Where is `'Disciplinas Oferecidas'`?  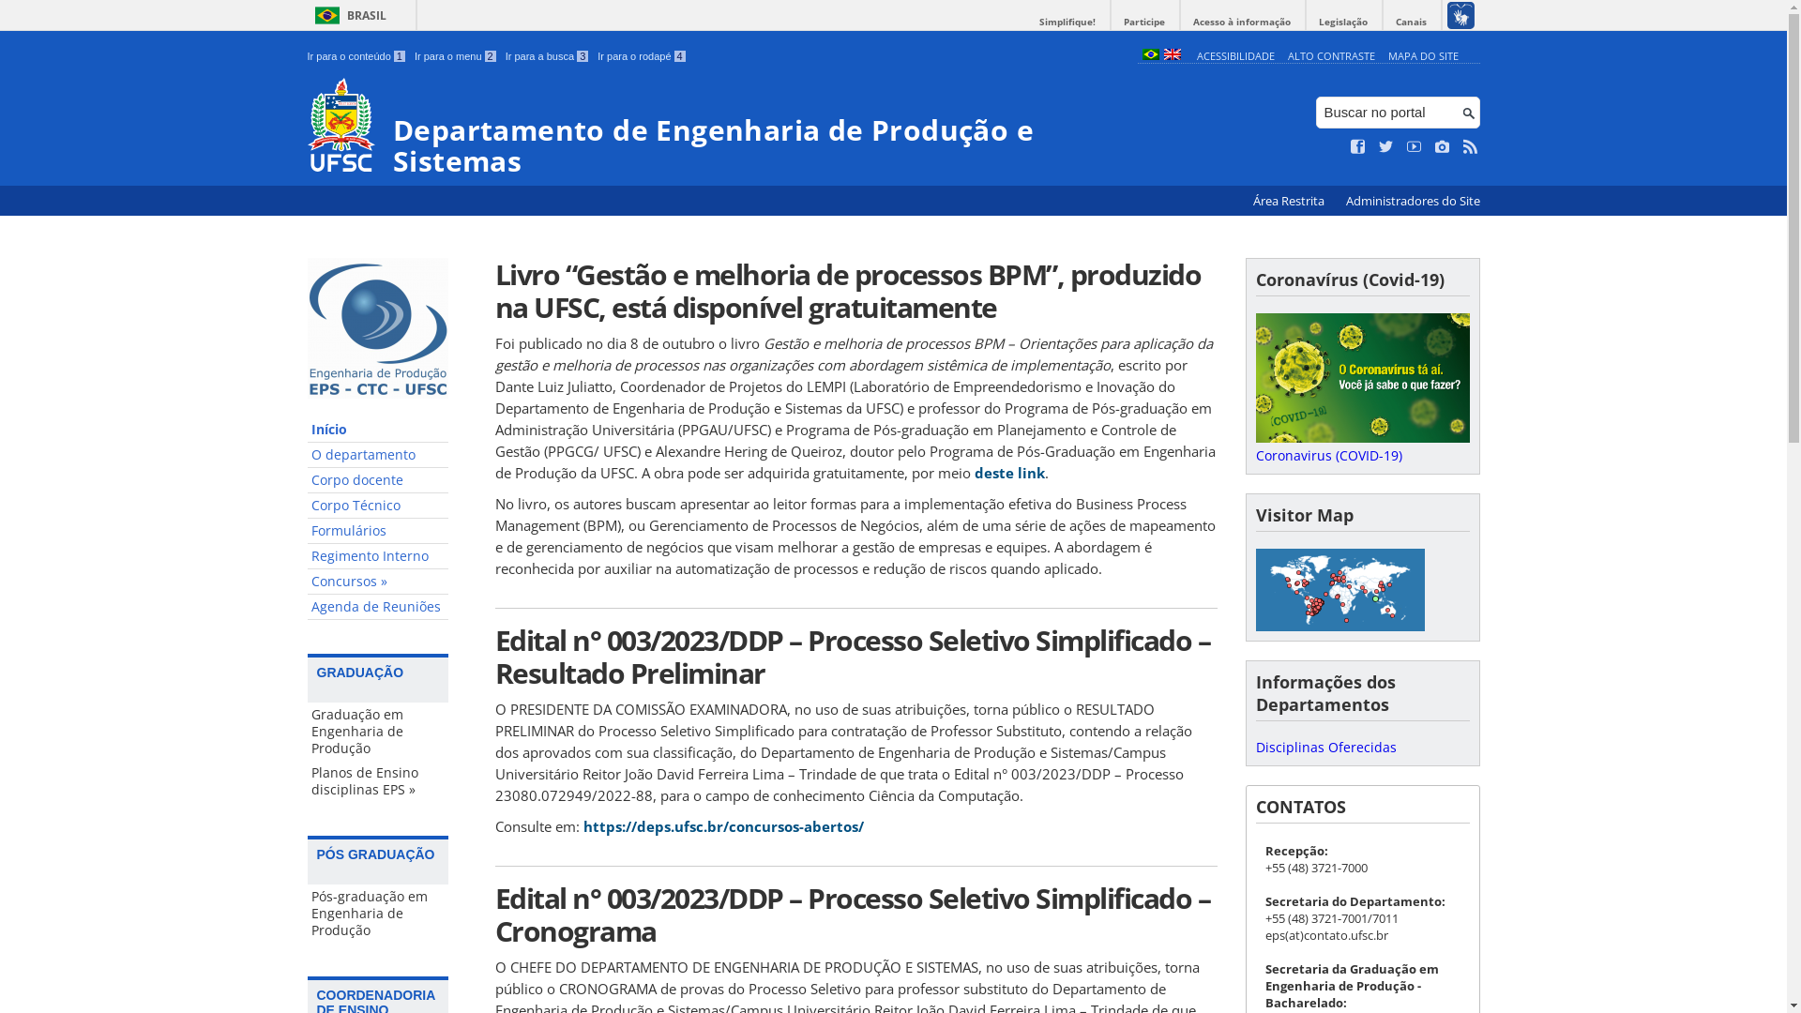
'Disciplinas Oferecidas' is located at coordinates (1324, 746).